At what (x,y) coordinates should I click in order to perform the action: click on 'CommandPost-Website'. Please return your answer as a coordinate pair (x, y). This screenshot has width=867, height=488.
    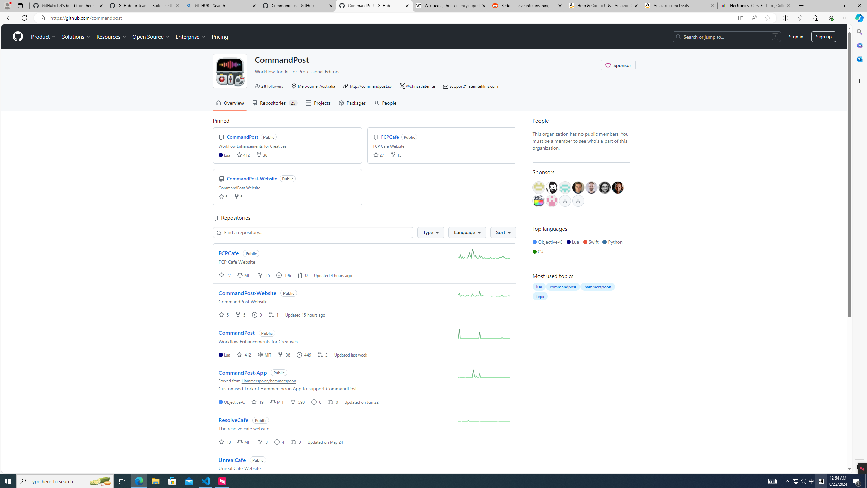
    Looking at the image, I should click on (247, 292).